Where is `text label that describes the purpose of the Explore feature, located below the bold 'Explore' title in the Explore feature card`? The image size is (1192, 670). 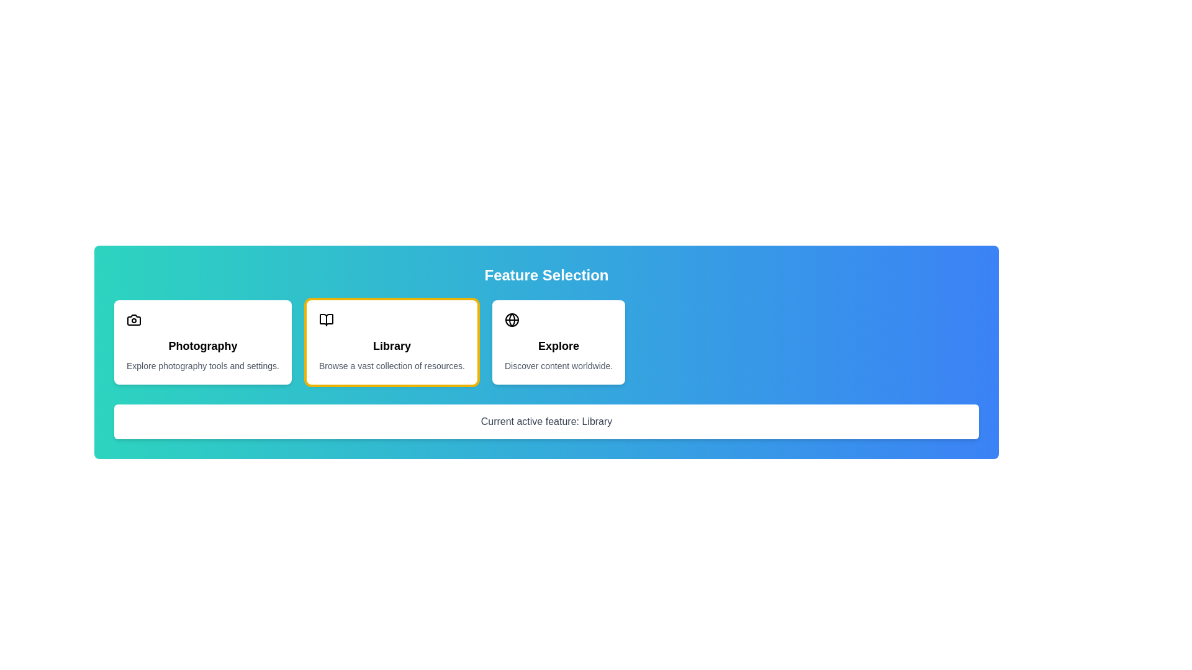 text label that describes the purpose of the Explore feature, located below the bold 'Explore' title in the Explore feature card is located at coordinates (558, 365).